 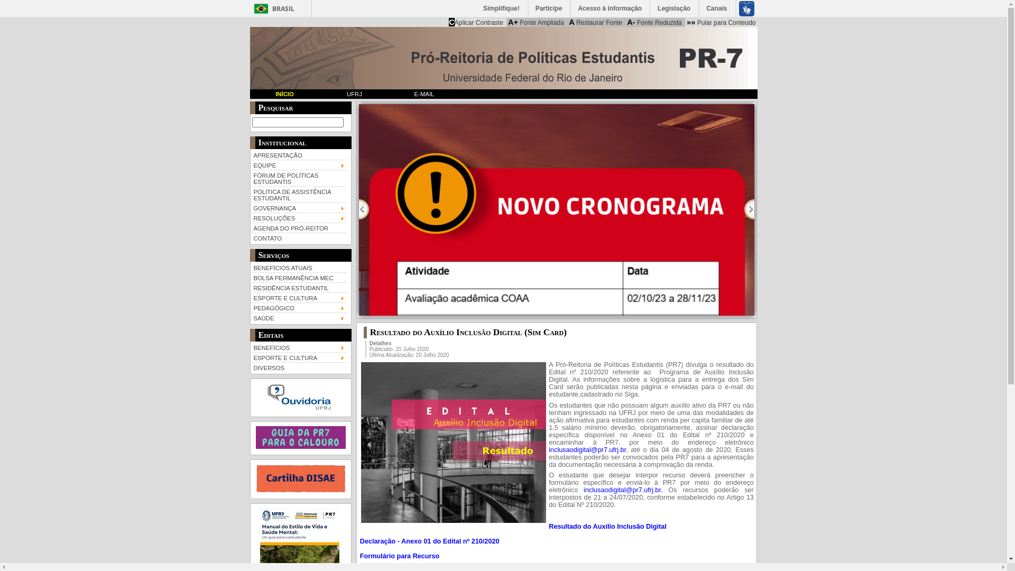 What do you see at coordinates (717, 8) in the screenshot?
I see `'Canais'` at bounding box center [717, 8].